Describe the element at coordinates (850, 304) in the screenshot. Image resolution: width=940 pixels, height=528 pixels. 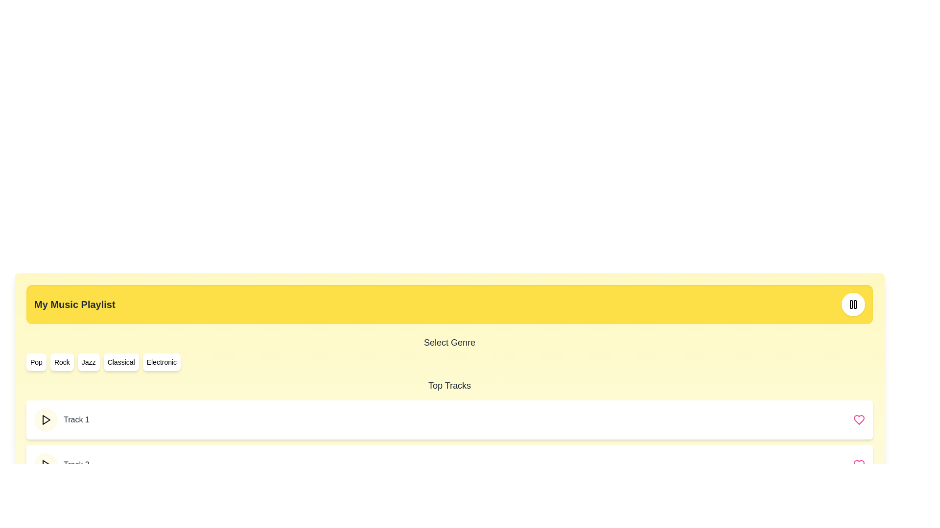
I see `the left bar of the pause icon located in the top-right corner of the interface, which is surrounded by a circular button with a yellow background` at that location.